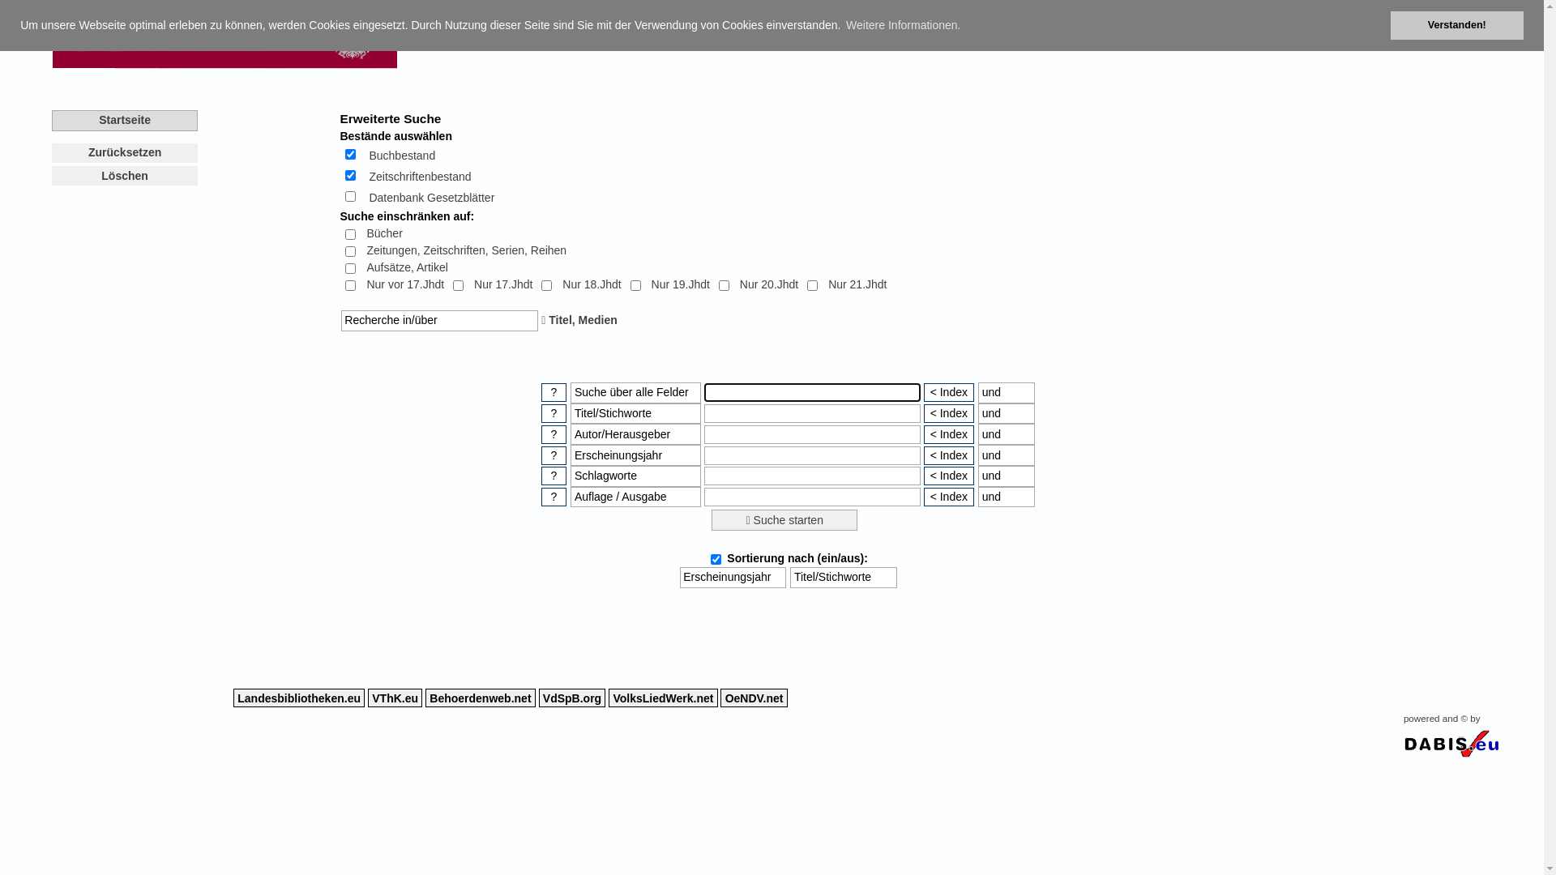 The width and height of the screenshot is (1556, 875). What do you see at coordinates (753, 697) in the screenshot?
I see `'OeNDV.net'` at bounding box center [753, 697].